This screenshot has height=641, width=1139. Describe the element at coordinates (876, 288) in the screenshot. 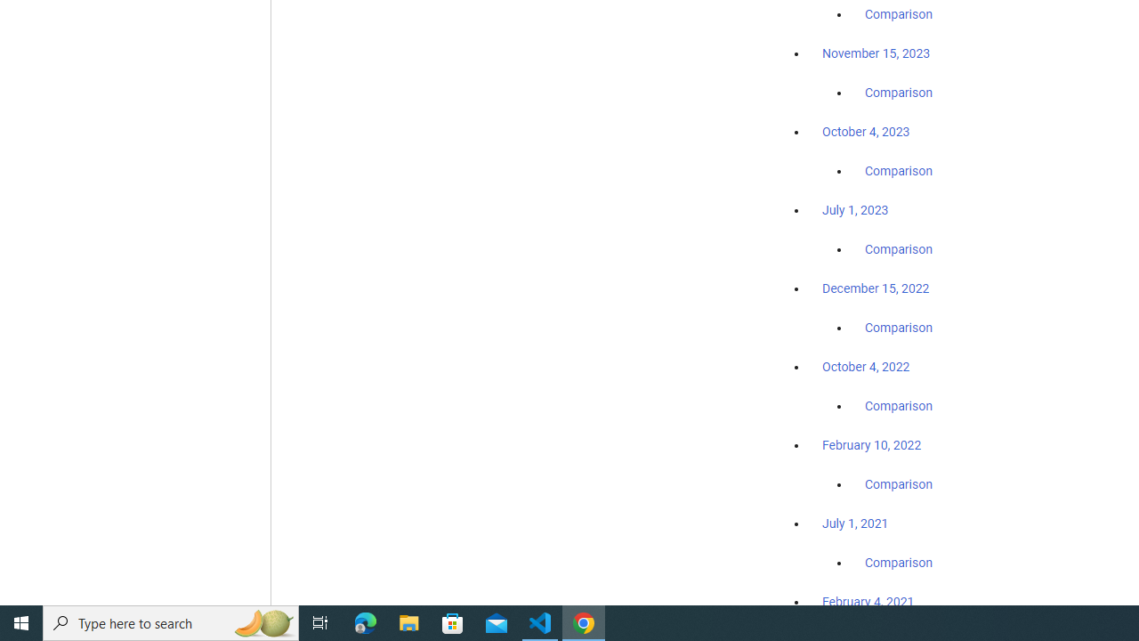

I see `'December 15, 2022'` at that location.